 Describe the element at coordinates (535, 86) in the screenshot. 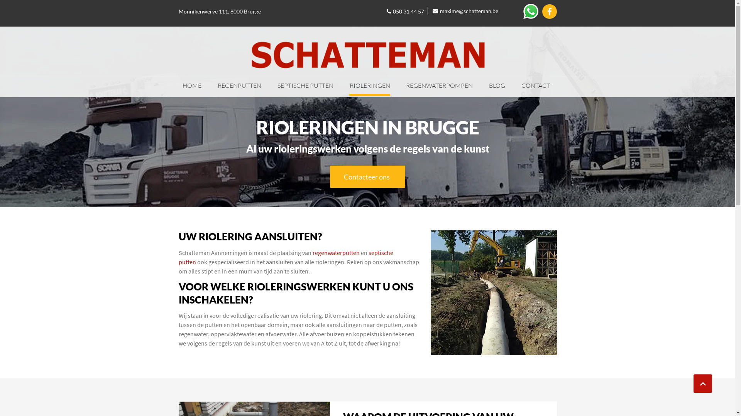

I see `'CONTACT'` at that location.